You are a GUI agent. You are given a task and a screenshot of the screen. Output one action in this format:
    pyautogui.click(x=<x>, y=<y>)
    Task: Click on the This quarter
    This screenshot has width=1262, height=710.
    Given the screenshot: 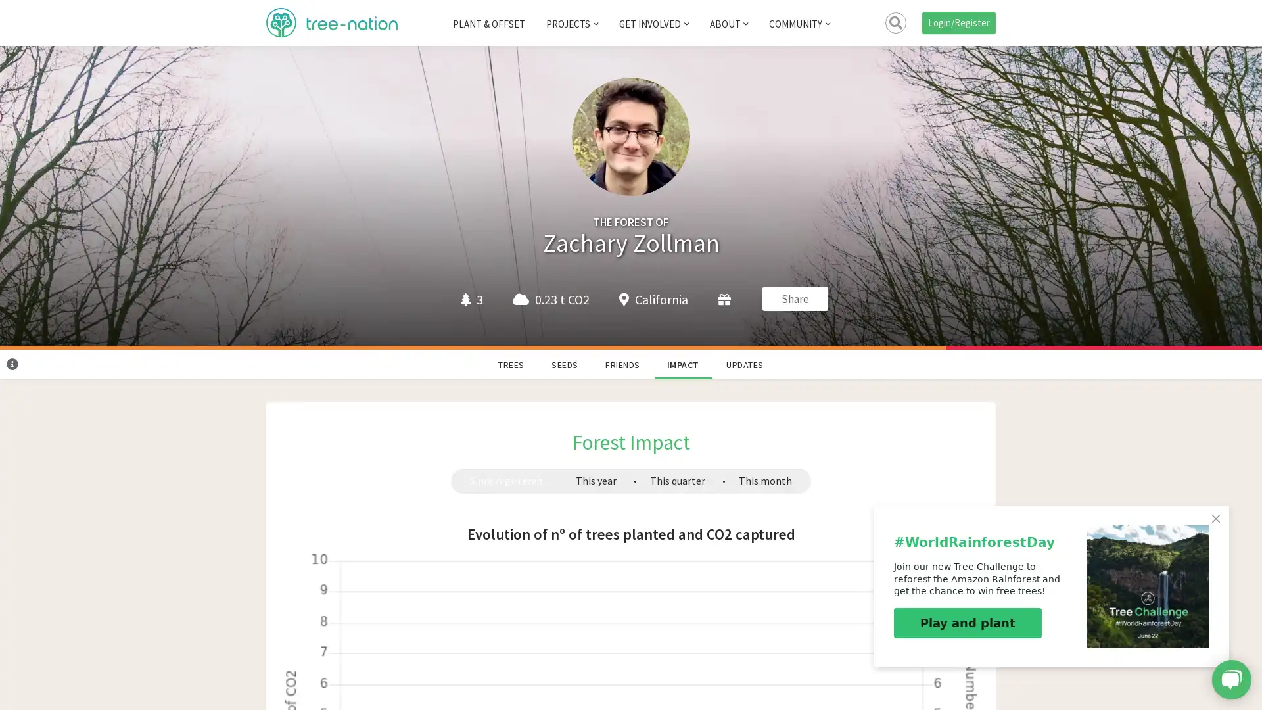 What is the action you would take?
    pyautogui.click(x=677, y=481)
    